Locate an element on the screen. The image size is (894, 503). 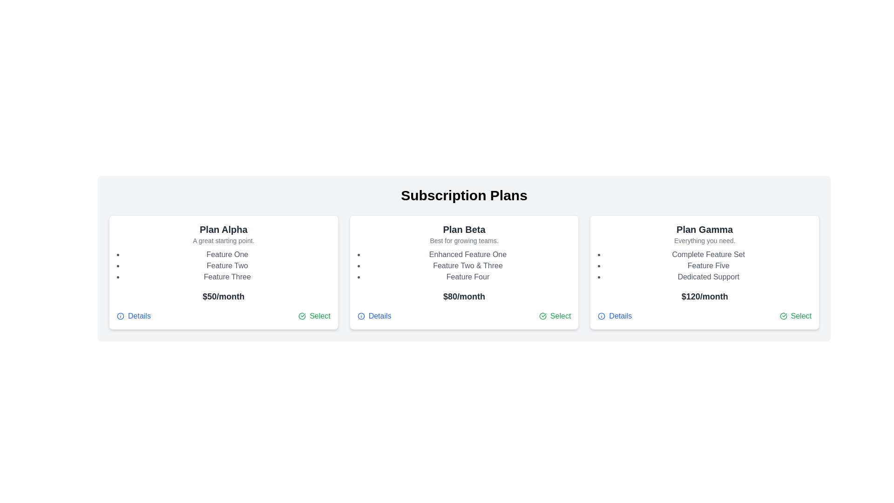
the 'Select' button with a green text label and checkmark icon located in the 'Plan Gamma' section at the bottom-right corner is located at coordinates (795, 315).